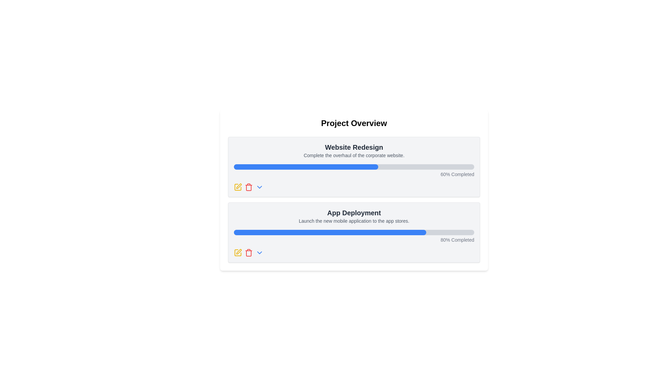 The height and width of the screenshot is (365, 649). Describe the element at coordinates (306, 167) in the screenshot. I see `the progress indicator (progress bar fill) in the 'Website Redesign' card section to visually inspect the completion progress of the task` at that location.